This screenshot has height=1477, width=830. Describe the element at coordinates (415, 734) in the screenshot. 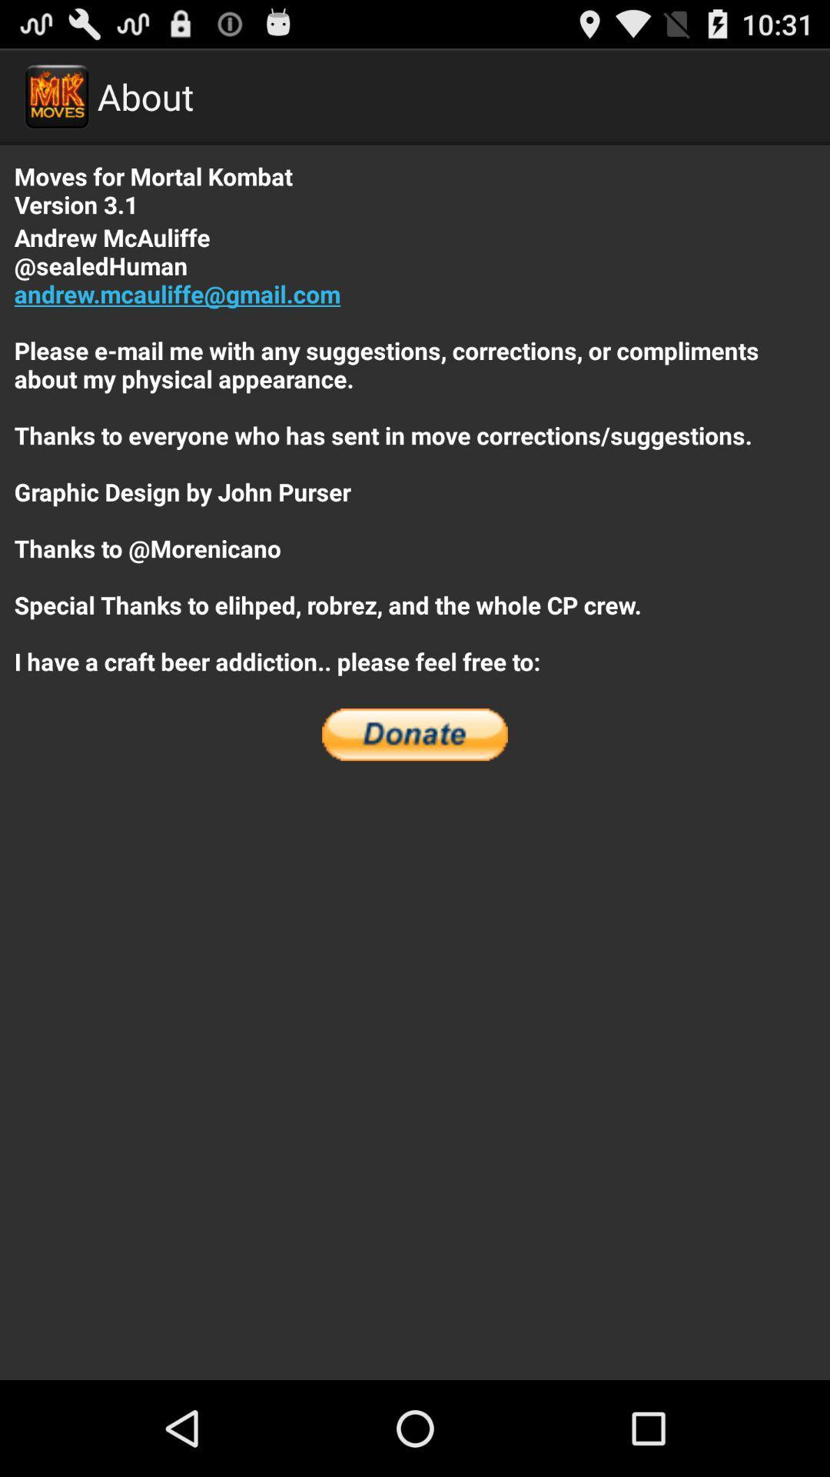

I see `icon below the andrew mcauliffe sealedhuman item` at that location.